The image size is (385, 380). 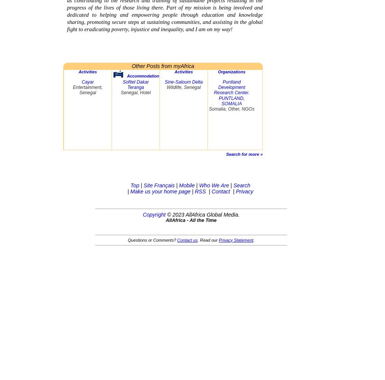 What do you see at coordinates (208, 240) in the screenshot?
I see `'.
Read our'` at bounding box center [208, 240].